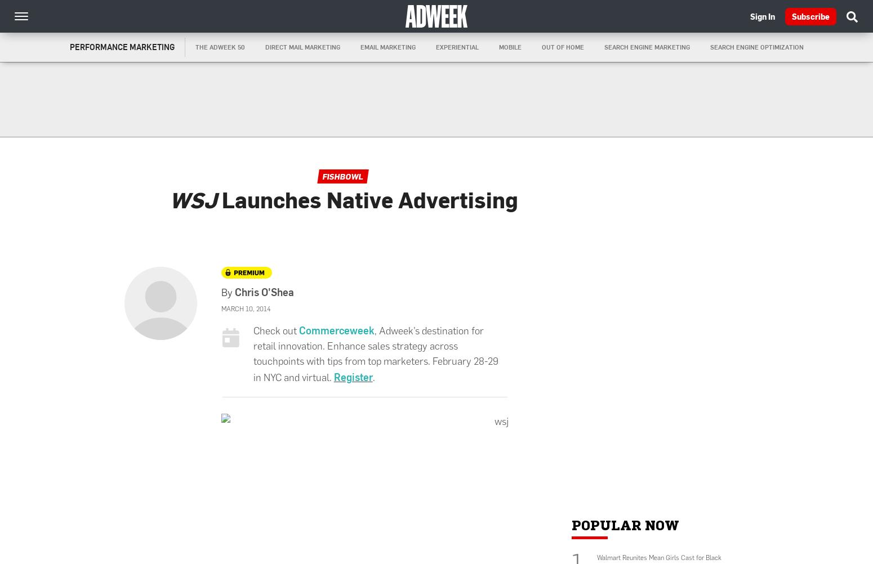 This screenshot has height=564, width=873. I want to click on 'Experiential', so click(456, 47).